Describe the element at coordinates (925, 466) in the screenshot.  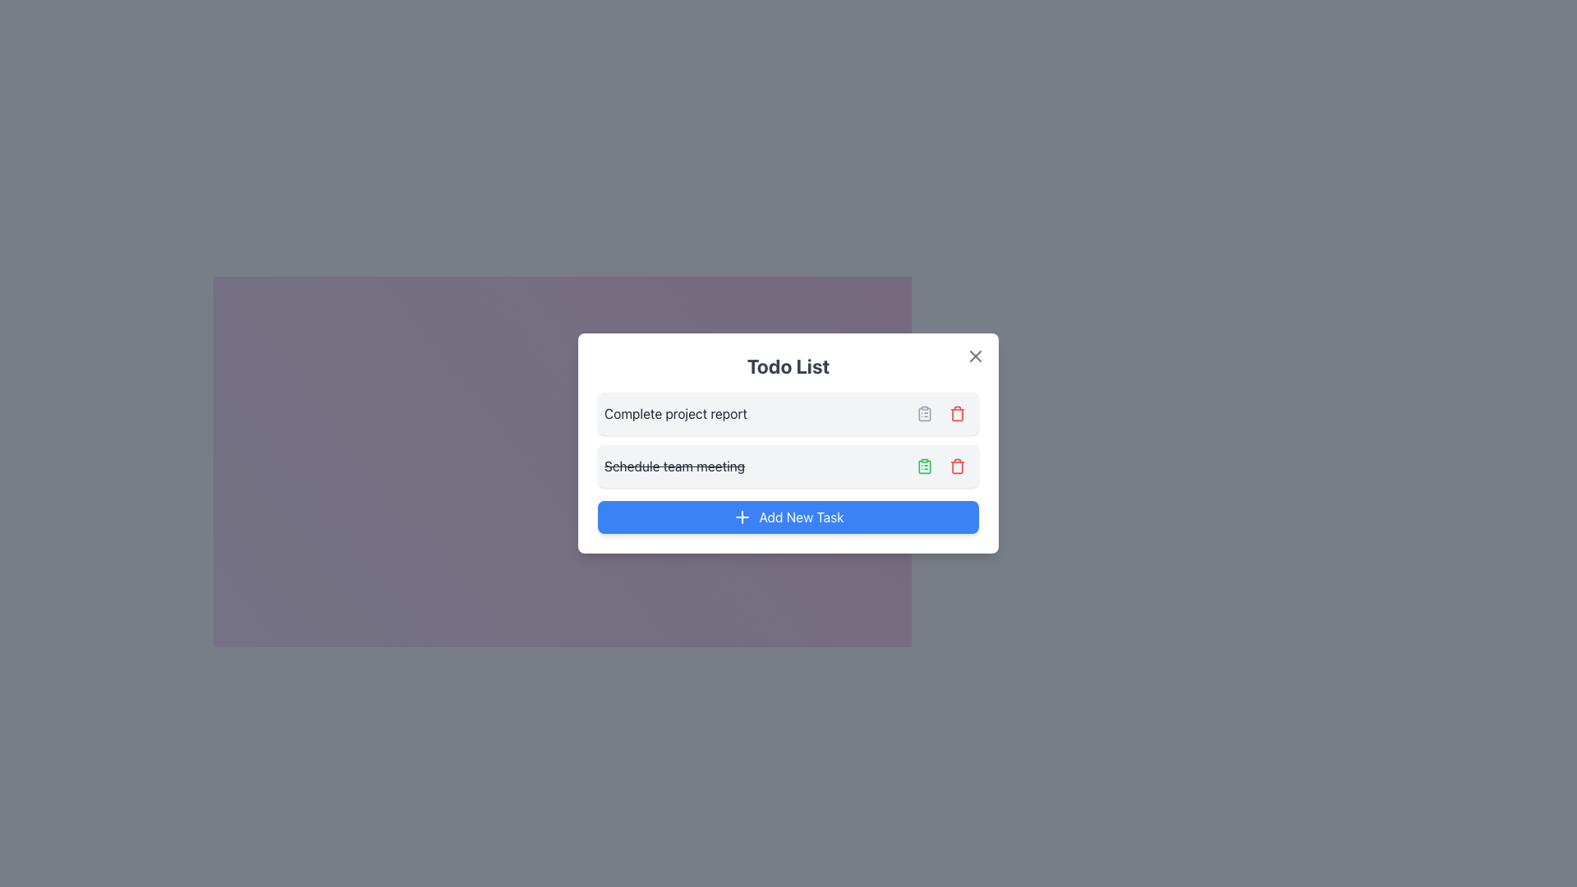
I see `the clipboard icon located to the right of the task title in the second task of the to-do list interface` at that location.